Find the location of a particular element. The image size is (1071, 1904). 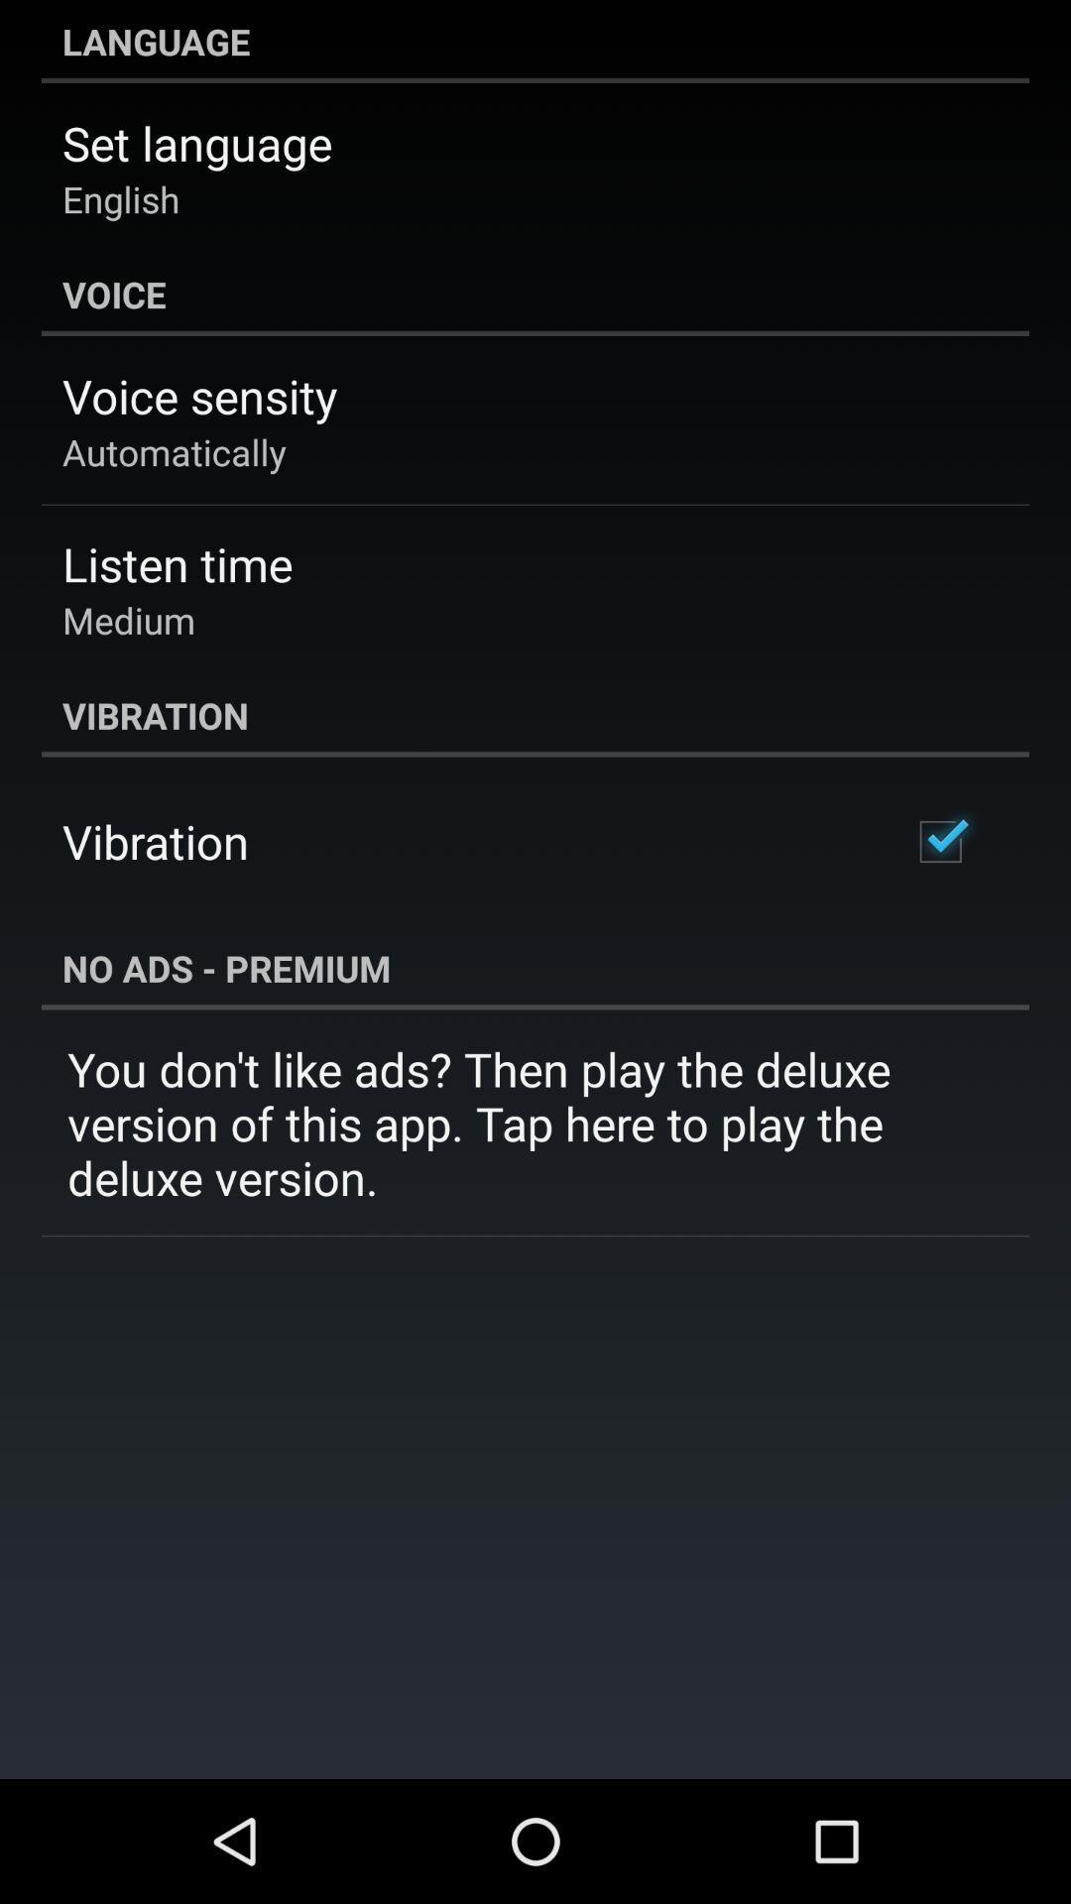

no ads - premium item is located at coordinates (535, 968).